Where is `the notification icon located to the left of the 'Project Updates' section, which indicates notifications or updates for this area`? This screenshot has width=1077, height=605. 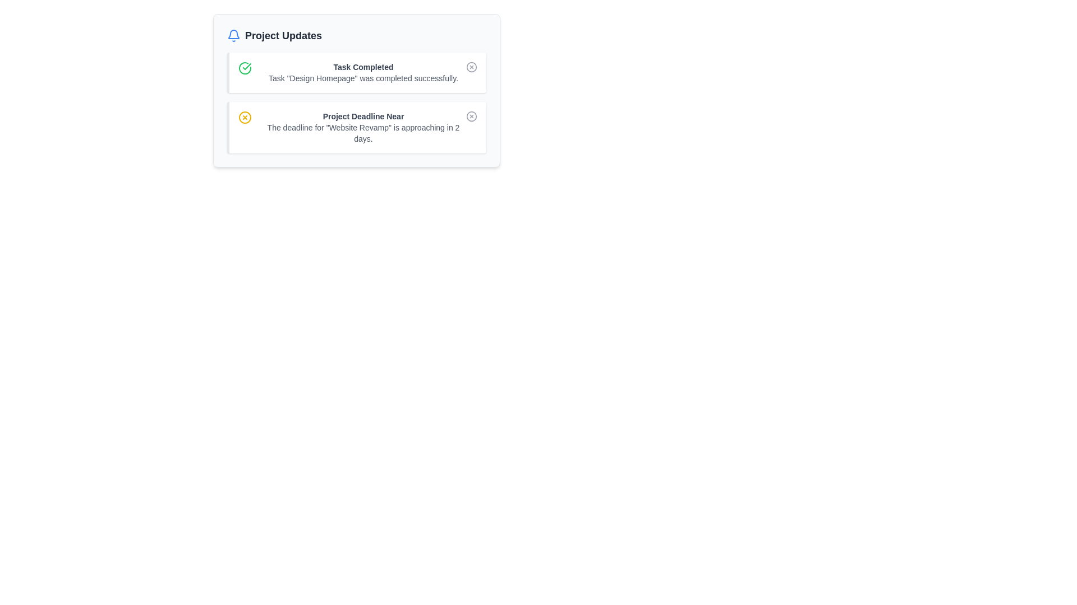
the notification icon located to the left of the 'Project Updates' section, which indicates notifications or updates for this area is located at coordinates (233, 35).